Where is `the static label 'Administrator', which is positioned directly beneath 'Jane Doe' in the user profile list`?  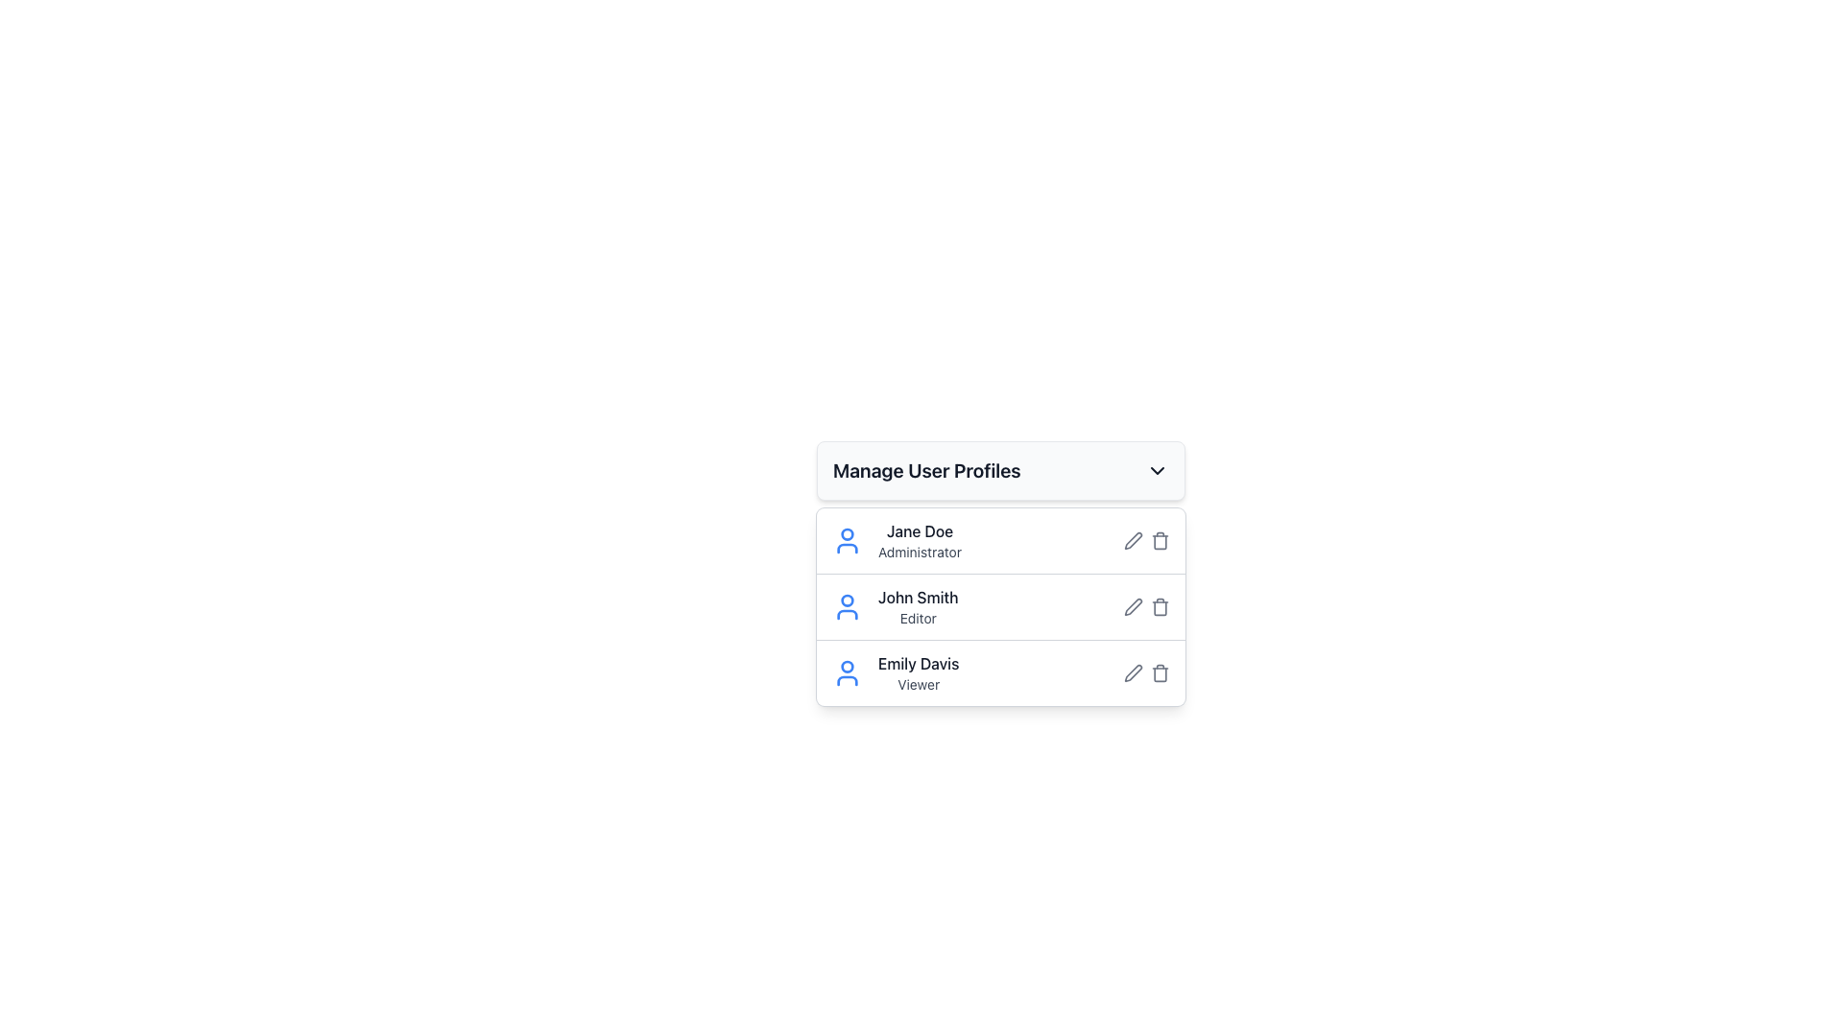
the static label 'Administrator', which is positioned directly beneath 'Jane Doe' in the user profile list is located at coordinates (919, 552).